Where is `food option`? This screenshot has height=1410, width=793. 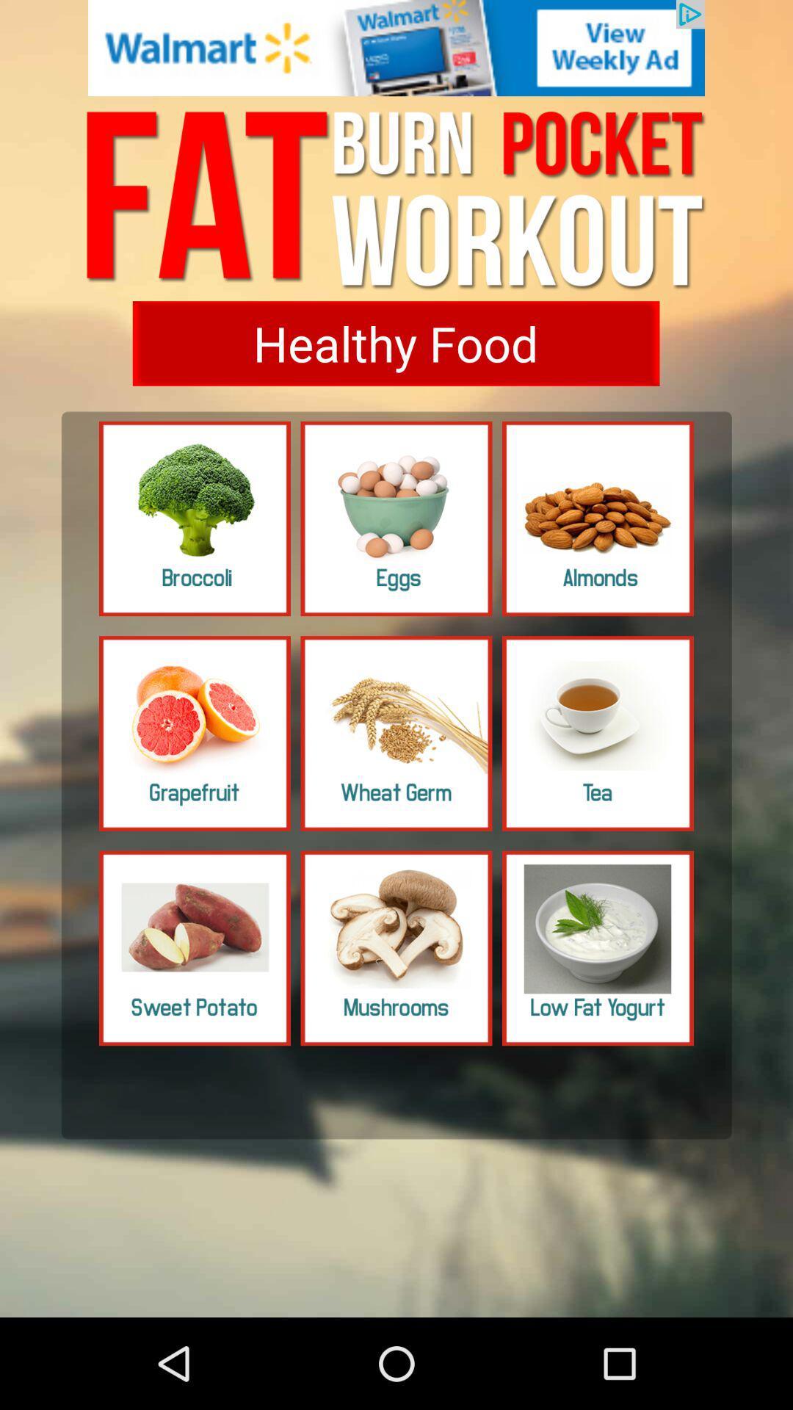 food option is located at coordinates (194, 518).